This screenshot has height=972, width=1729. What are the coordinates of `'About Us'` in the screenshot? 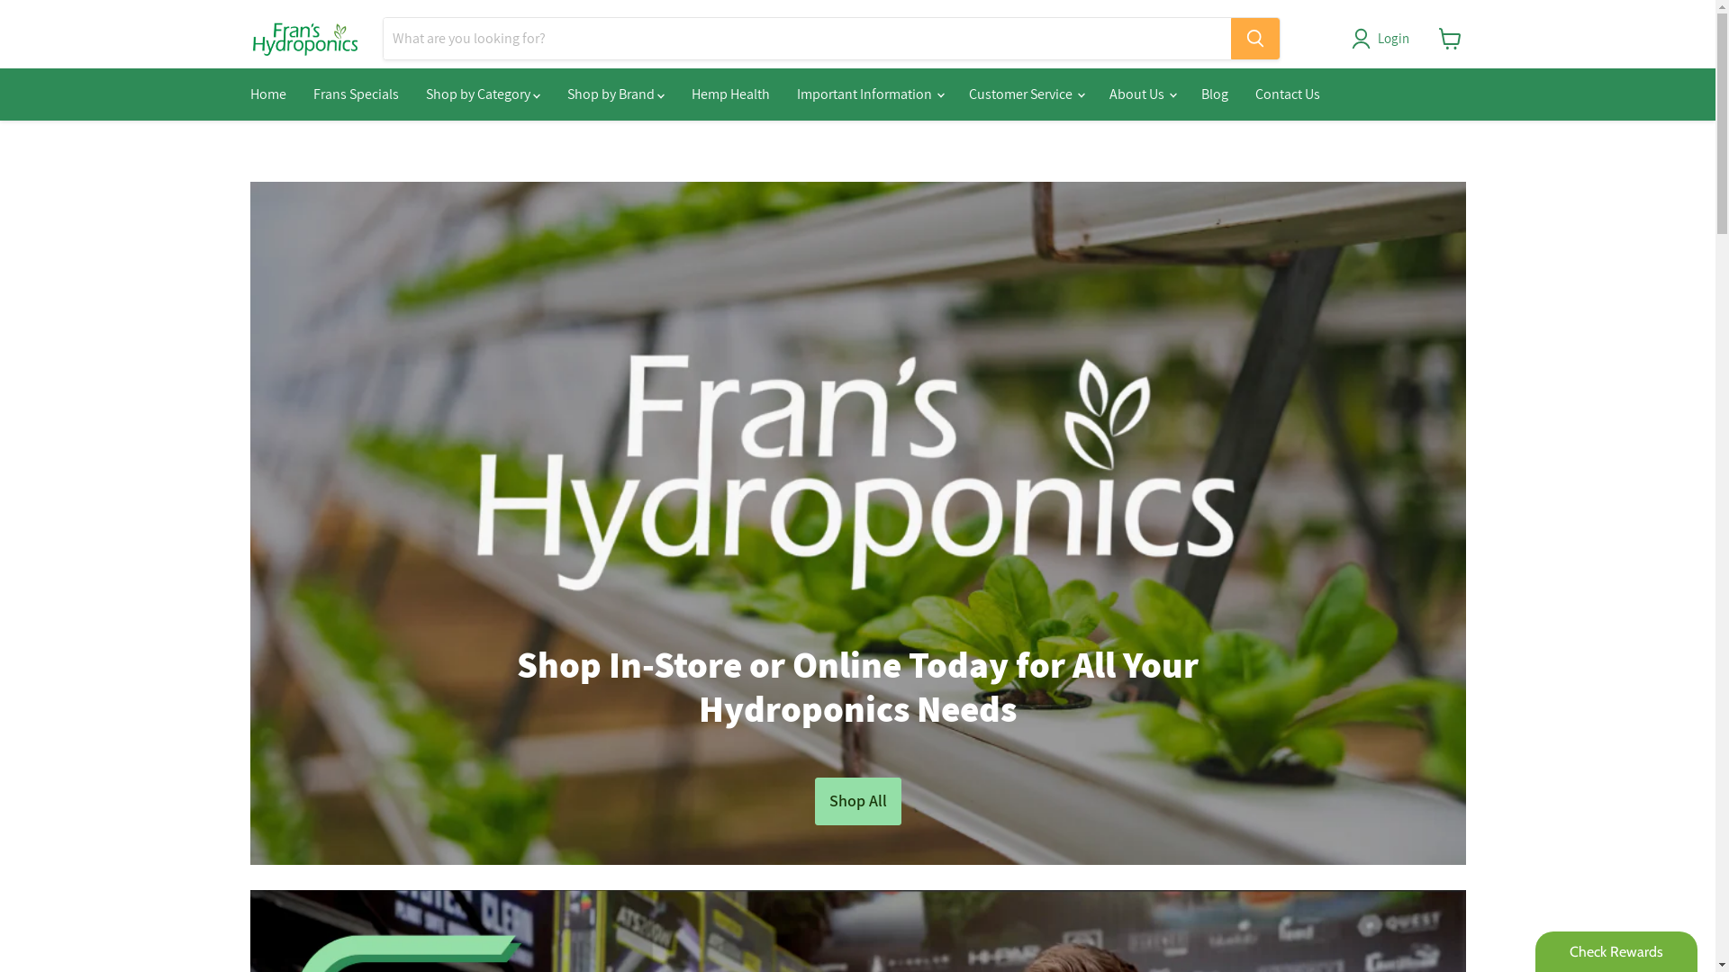 It's located at (1140, 94).